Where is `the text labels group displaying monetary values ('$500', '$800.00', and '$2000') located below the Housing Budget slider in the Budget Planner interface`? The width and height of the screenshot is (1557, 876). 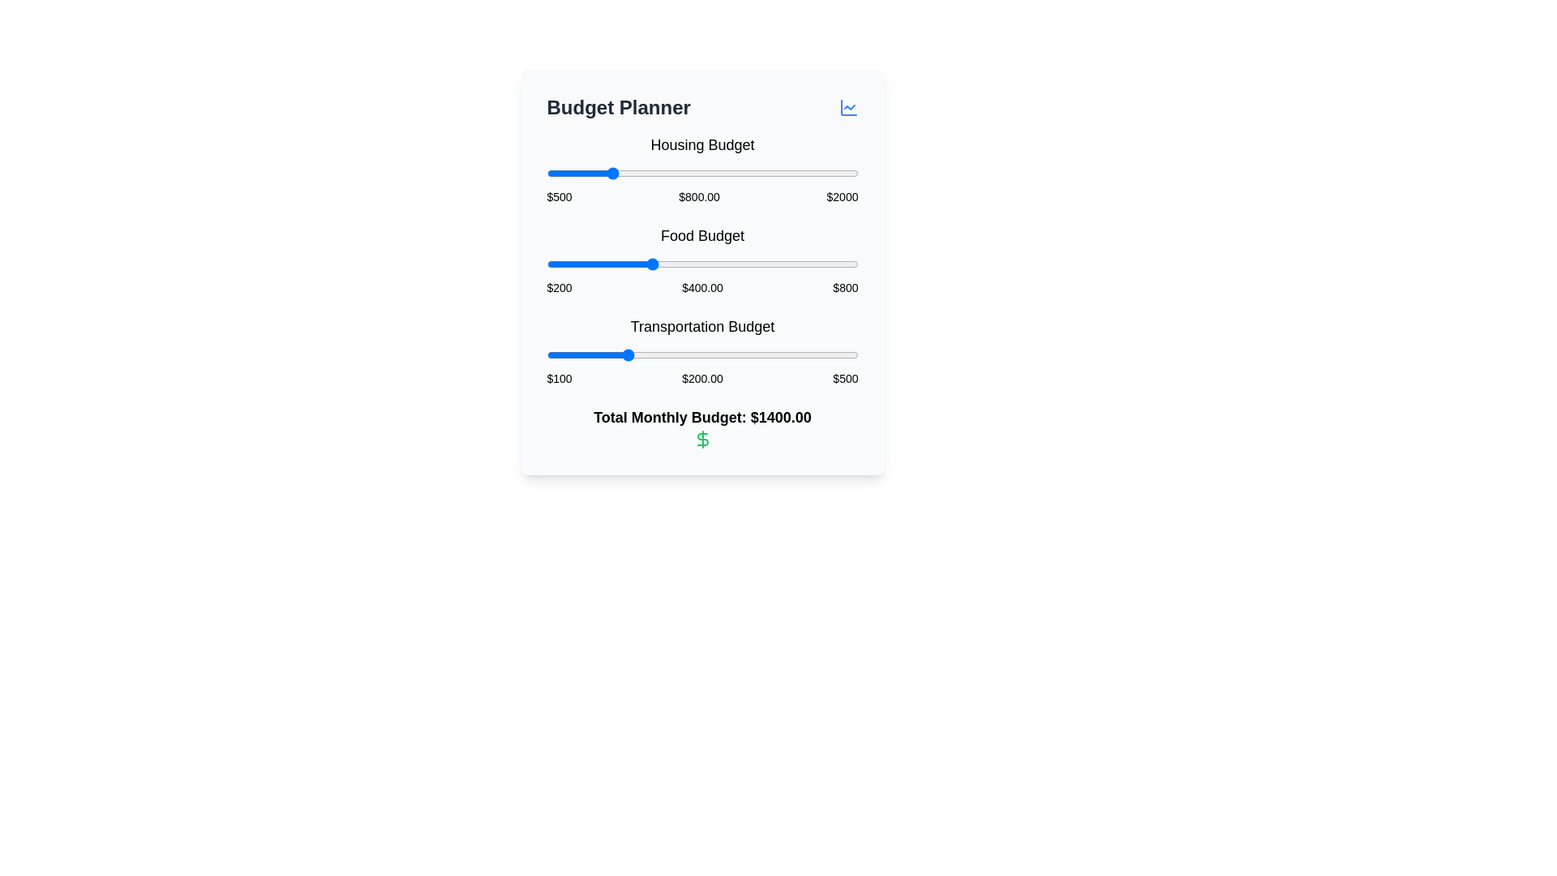
the text labels group displaying monetary values ('$500', '$800.00', and '$2000') located below the Housing Budget slider in the Budget Planner interface is located at coordinates (702, 196).